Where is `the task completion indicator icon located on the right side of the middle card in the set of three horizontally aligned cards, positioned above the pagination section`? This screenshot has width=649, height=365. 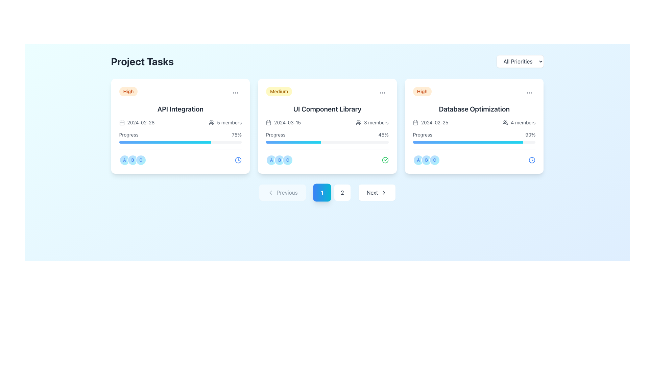 the task completion indicator icon located on the right side of the middle card in the set of three horizontally aligned cards, positioned above the pagination section is located at coordinates (385, 160).